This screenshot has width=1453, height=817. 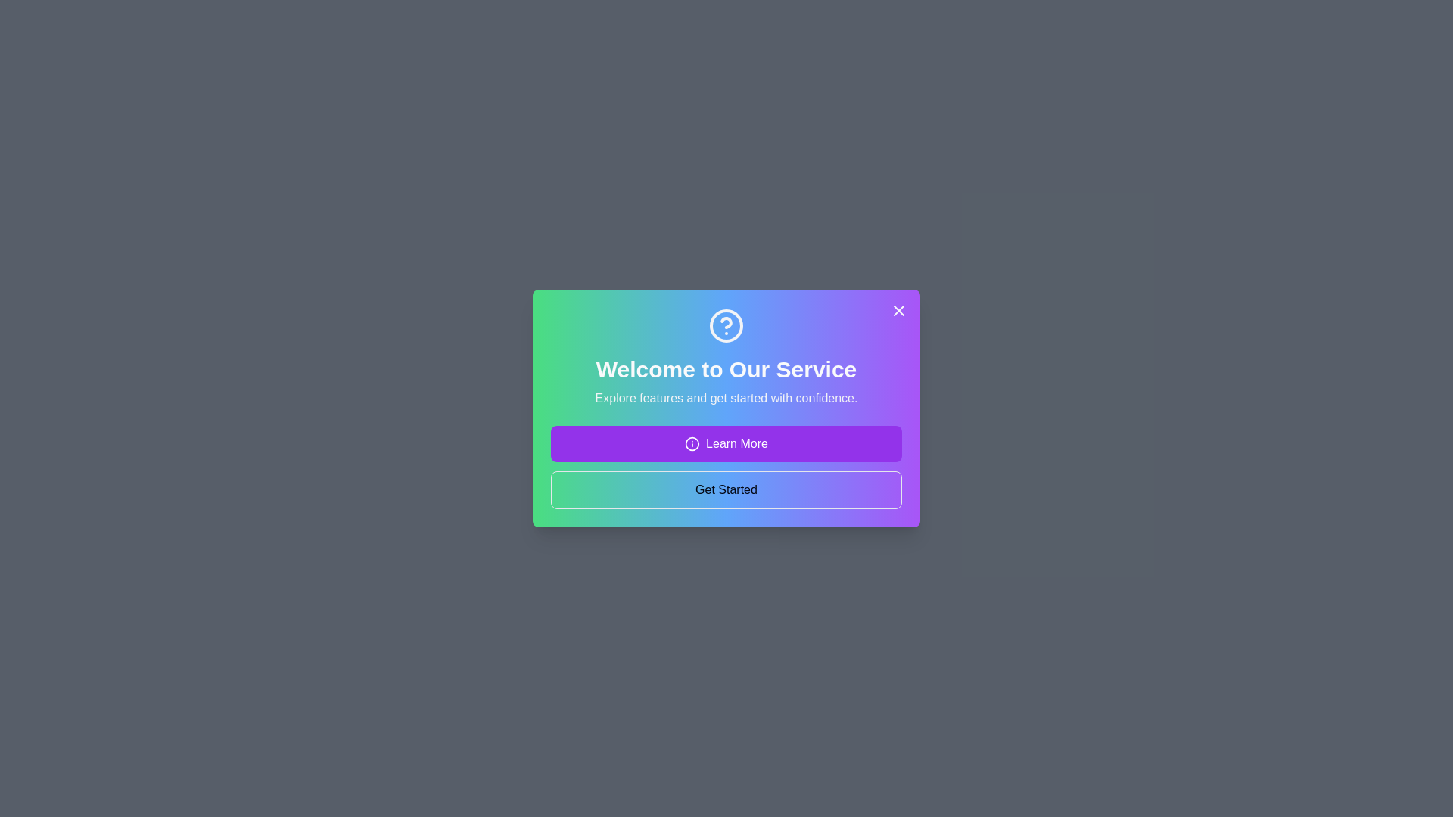 I want to click on the 'Get Started' button to initiate the sign-up process, so click(x=726, y=490).